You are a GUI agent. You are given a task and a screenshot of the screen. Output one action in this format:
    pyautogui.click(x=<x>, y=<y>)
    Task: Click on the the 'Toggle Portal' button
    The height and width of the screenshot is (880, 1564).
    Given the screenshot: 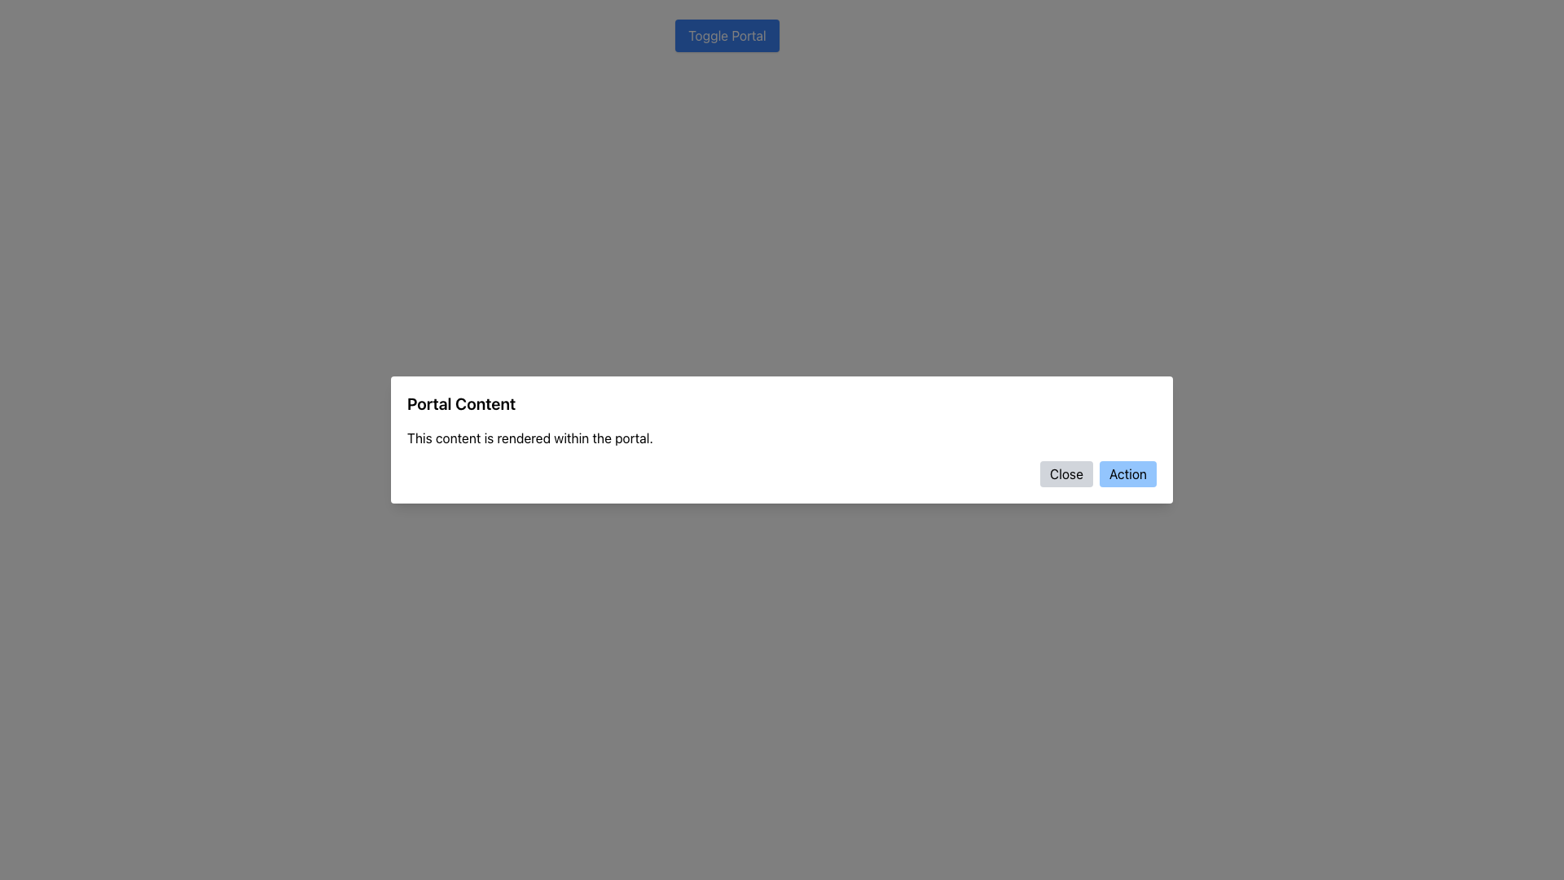 What is the action you would take?
    pyautogui.click(x=726, y=35)
    